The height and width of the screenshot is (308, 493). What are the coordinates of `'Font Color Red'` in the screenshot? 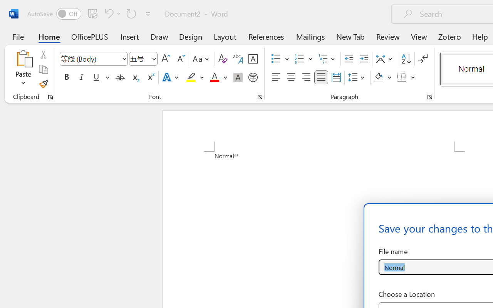 It's located at (214, 77).